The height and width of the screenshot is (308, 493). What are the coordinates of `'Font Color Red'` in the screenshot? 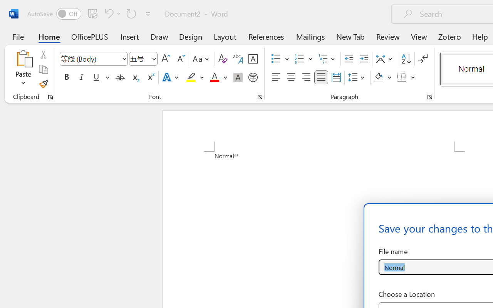 It's located at (214, 77).